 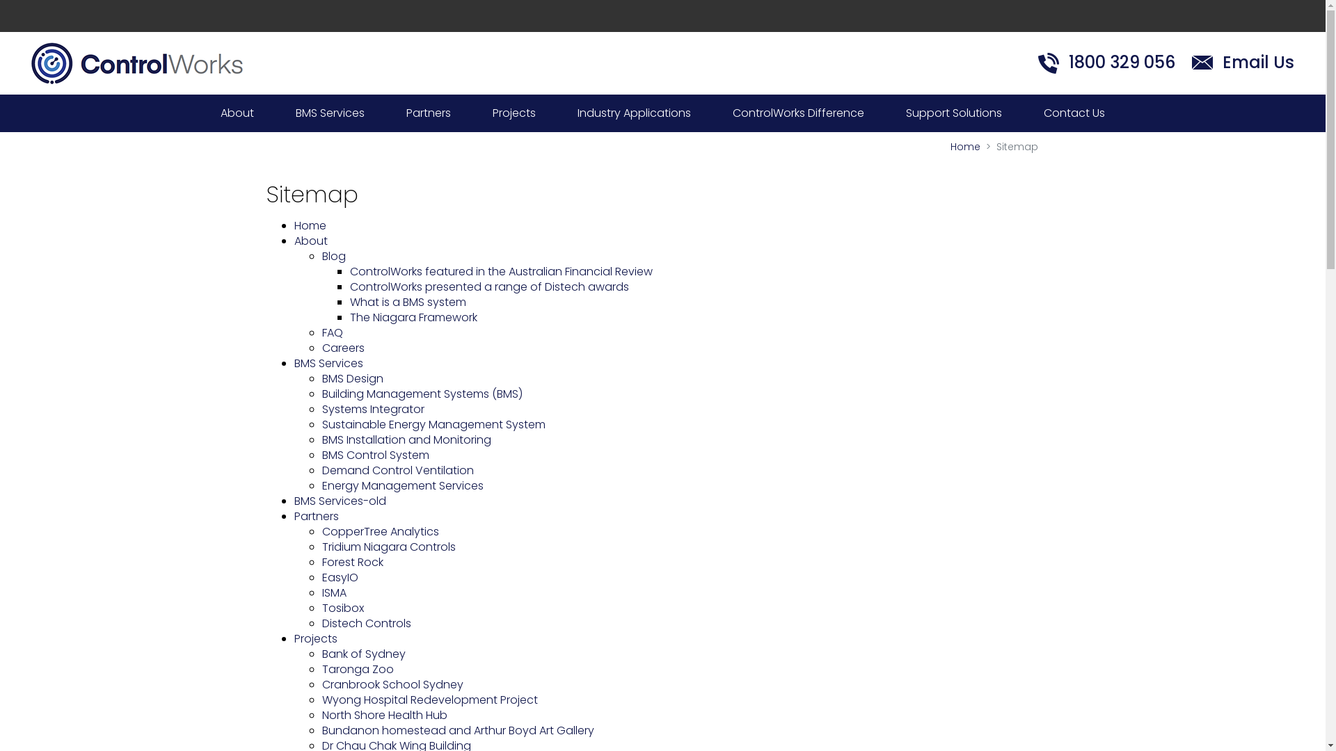 I want to click on 'ControlWorks featured in the Australian Financial Review', so click(x=349, y=271).